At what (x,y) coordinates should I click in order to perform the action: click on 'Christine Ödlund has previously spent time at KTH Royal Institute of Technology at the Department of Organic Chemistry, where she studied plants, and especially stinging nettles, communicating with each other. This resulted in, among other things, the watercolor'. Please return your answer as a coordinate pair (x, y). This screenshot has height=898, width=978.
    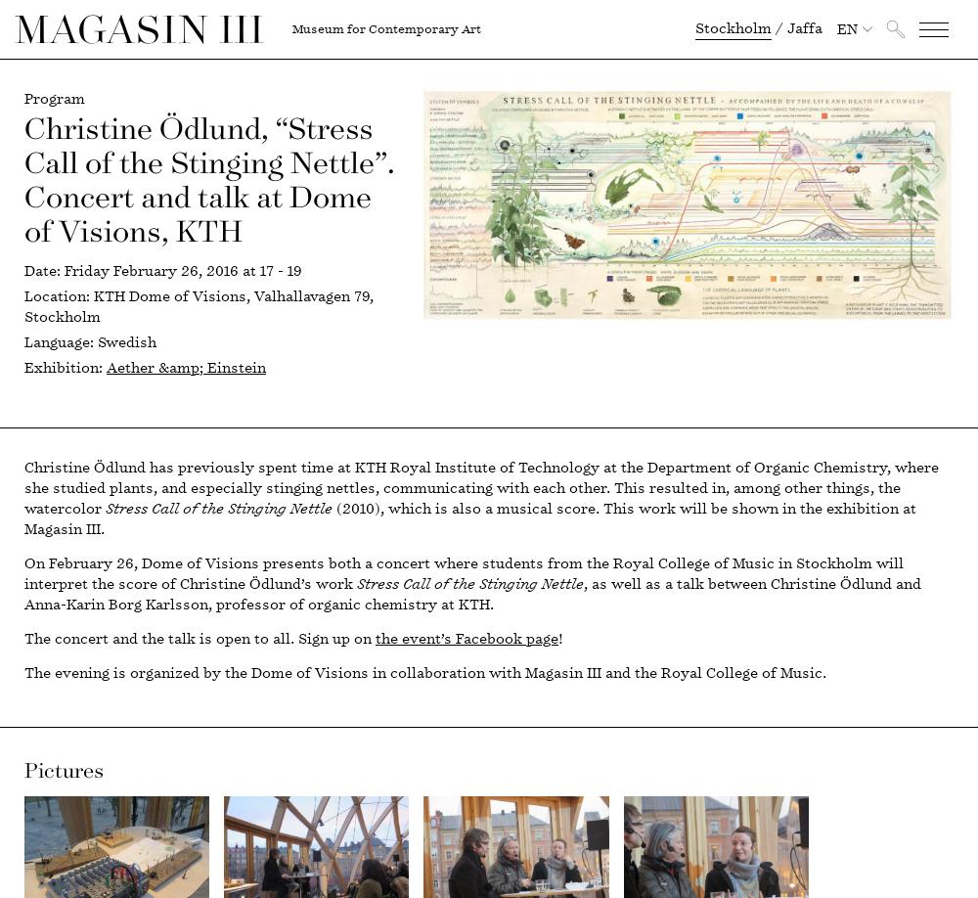
    Looking at the image, I should click on (480, 488).